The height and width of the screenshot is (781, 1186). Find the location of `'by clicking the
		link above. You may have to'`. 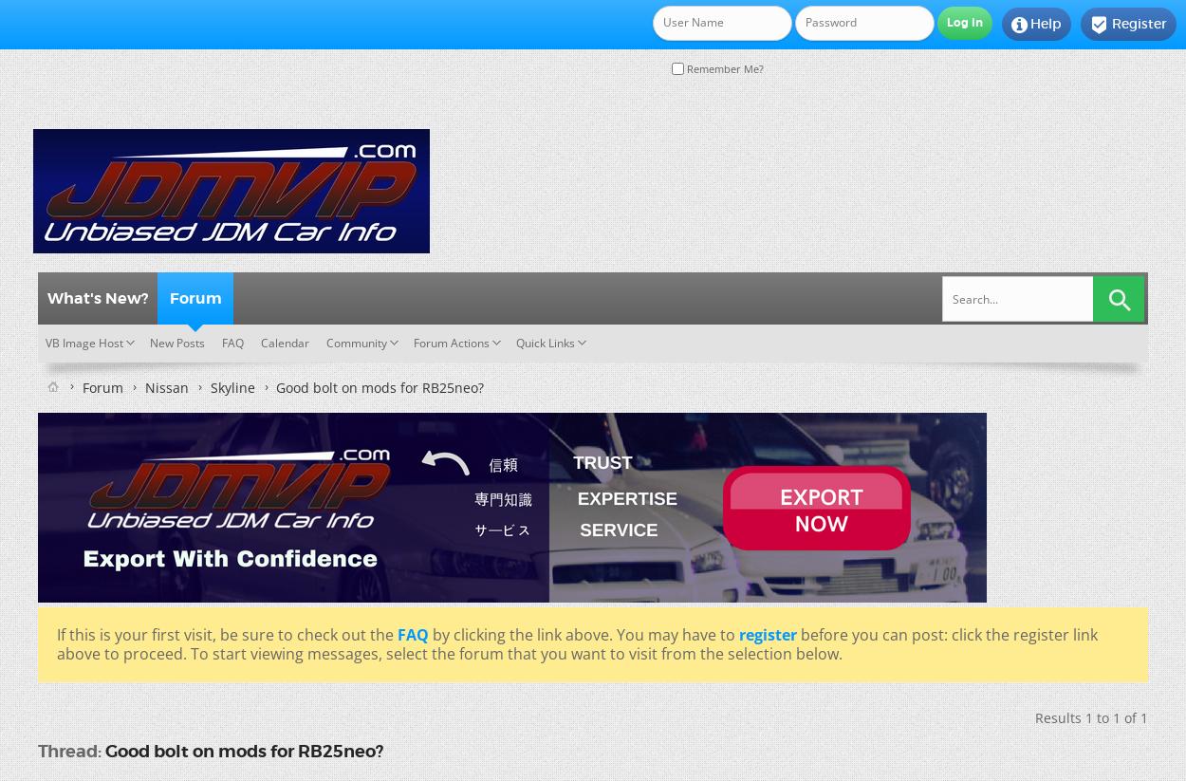

'by clicking the
		link above. You may have to' is located at coordinates (583, 634).